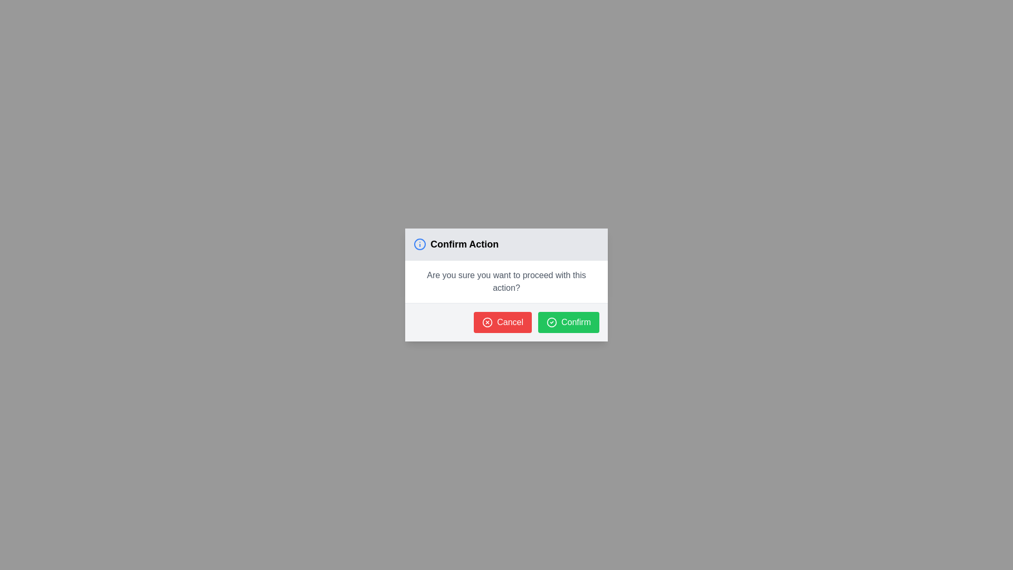 The width and height of the screenshot is (1013, 570). What do you see at coordinates (506, 281) in the screenshot?
I see `centered text message in gray color located below the header 'Confirm Action' in the modal dialog` at bounding box center [506, 281].